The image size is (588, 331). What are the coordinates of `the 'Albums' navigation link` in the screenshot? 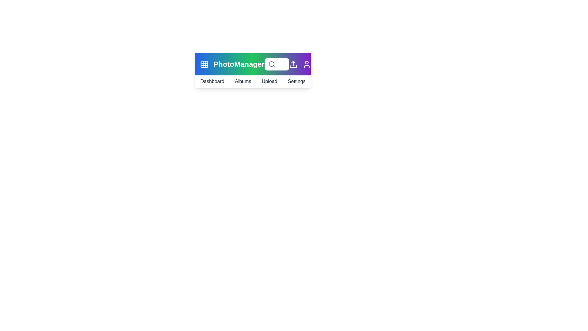 It's located at (243, 81).